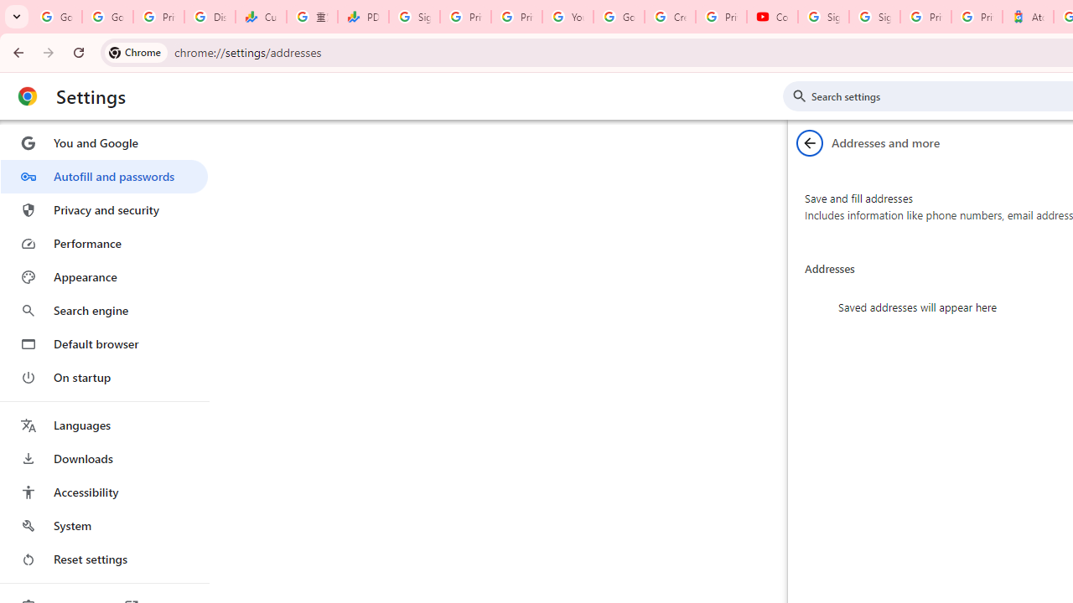 Image resolution: width=1073 pixels, height=603 pixels. Describe the element at coordinates (362, 17) in the screenshot. I see `'PDD Holdings Inc - ADR (PDD) Price & News - Google Finance'` at that location.